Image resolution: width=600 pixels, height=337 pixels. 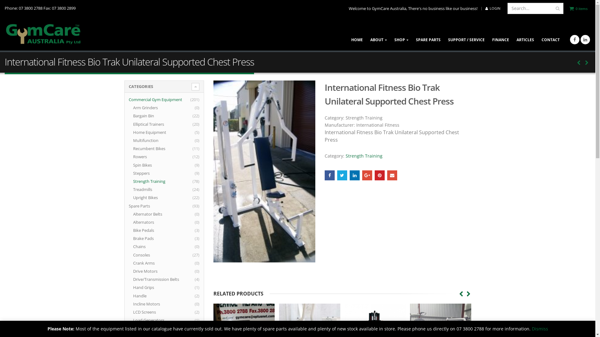 I want to click on 'FINANCE', so click(x=501, y=34).